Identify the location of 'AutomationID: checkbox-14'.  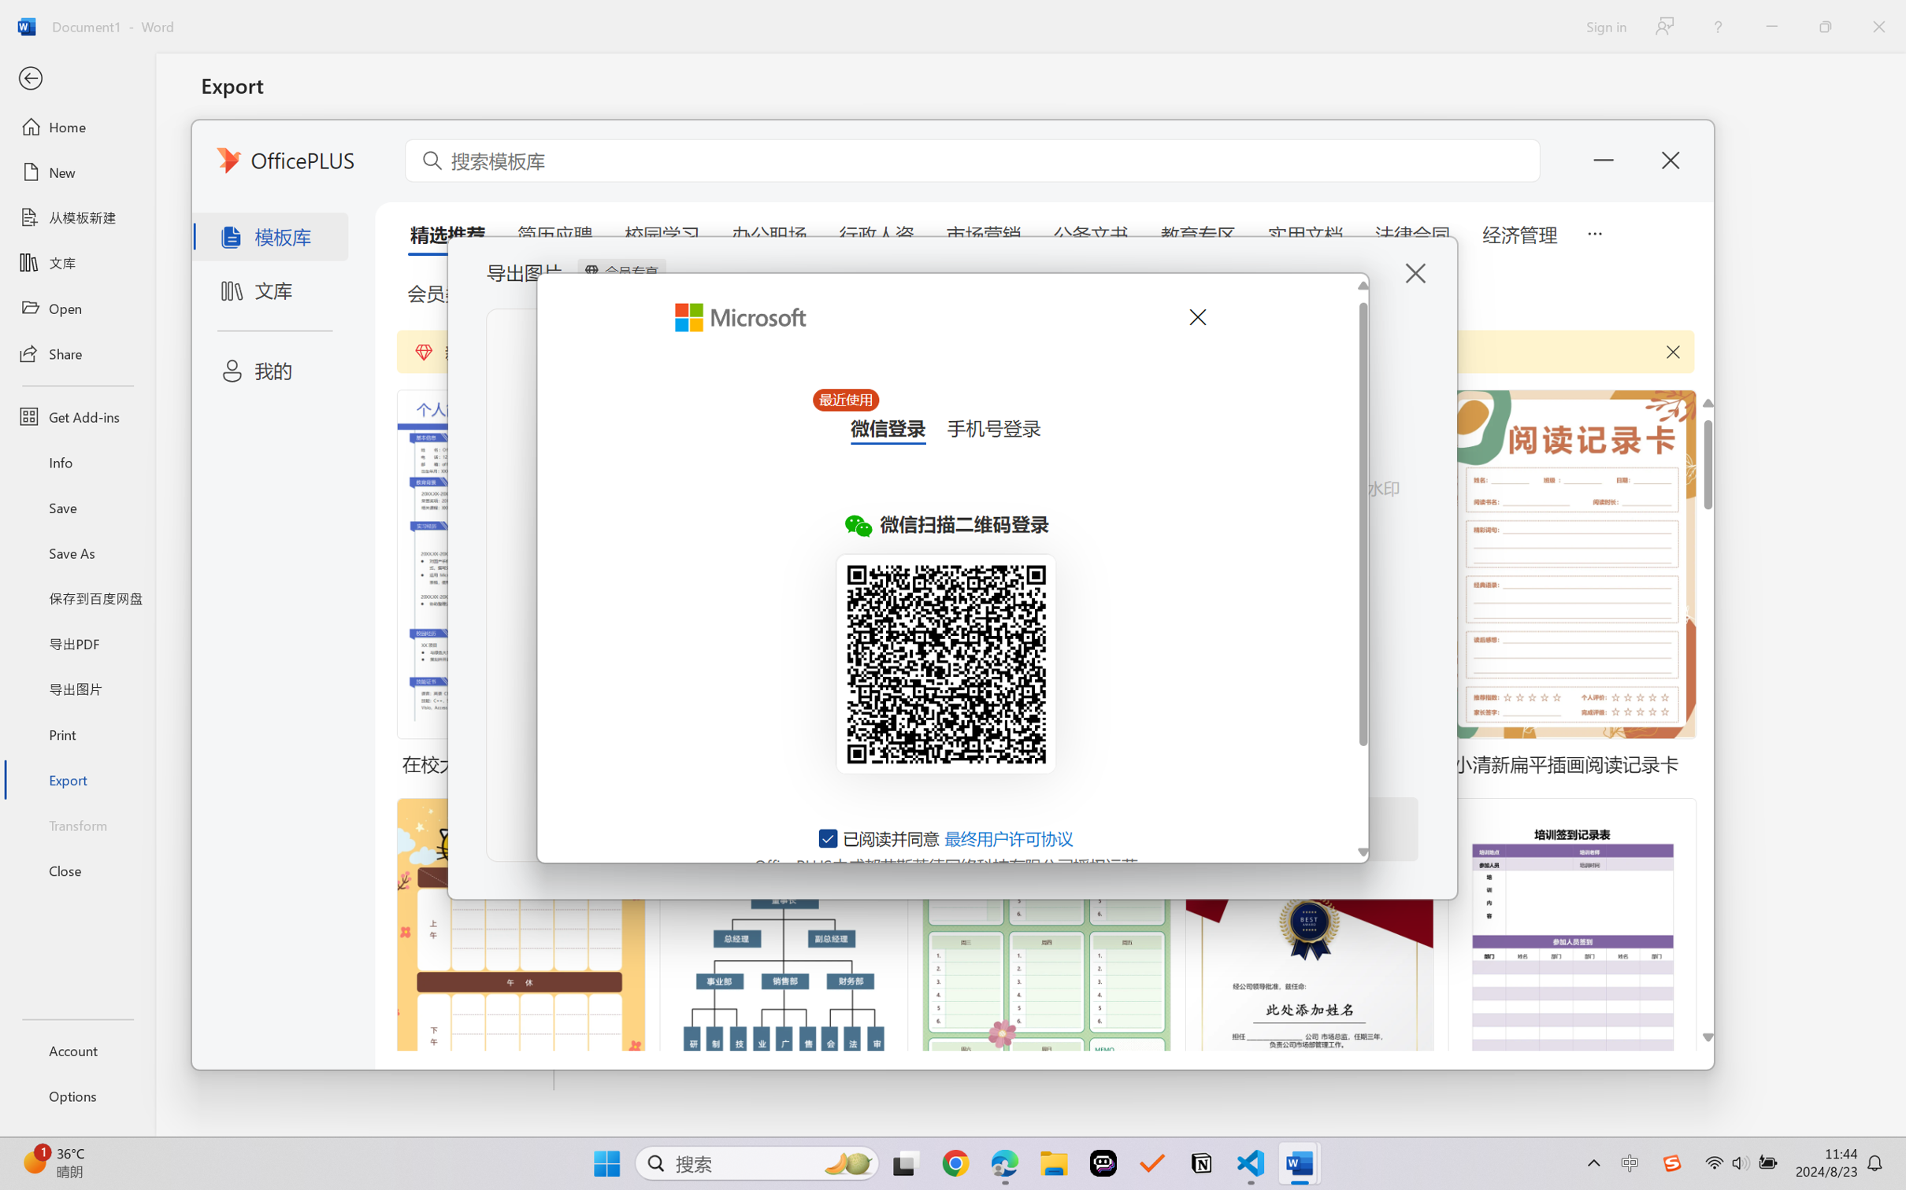
(829, 837).